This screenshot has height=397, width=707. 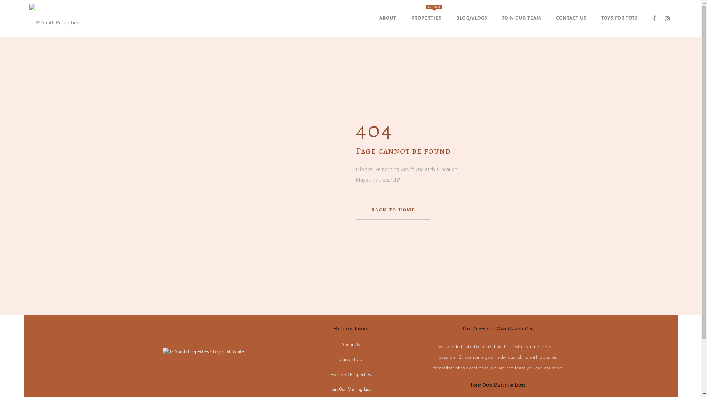 I want to click on 'Contact Us', so click(x=350, y=359).